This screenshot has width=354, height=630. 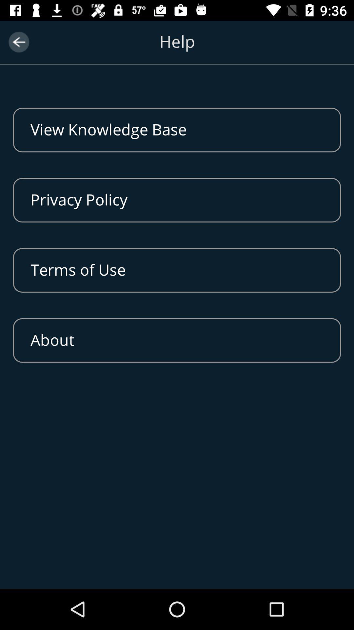 I want to click on terms of use, so click(x=177, y=270).